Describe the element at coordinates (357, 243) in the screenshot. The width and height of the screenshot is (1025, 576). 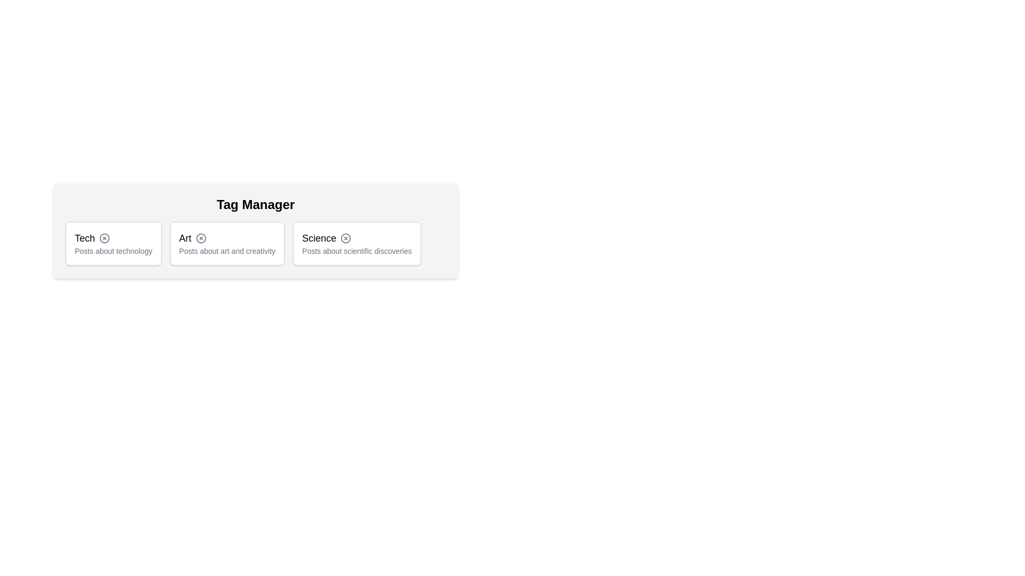
I see `the tag labeled Science to observe its hover effect` at that location.